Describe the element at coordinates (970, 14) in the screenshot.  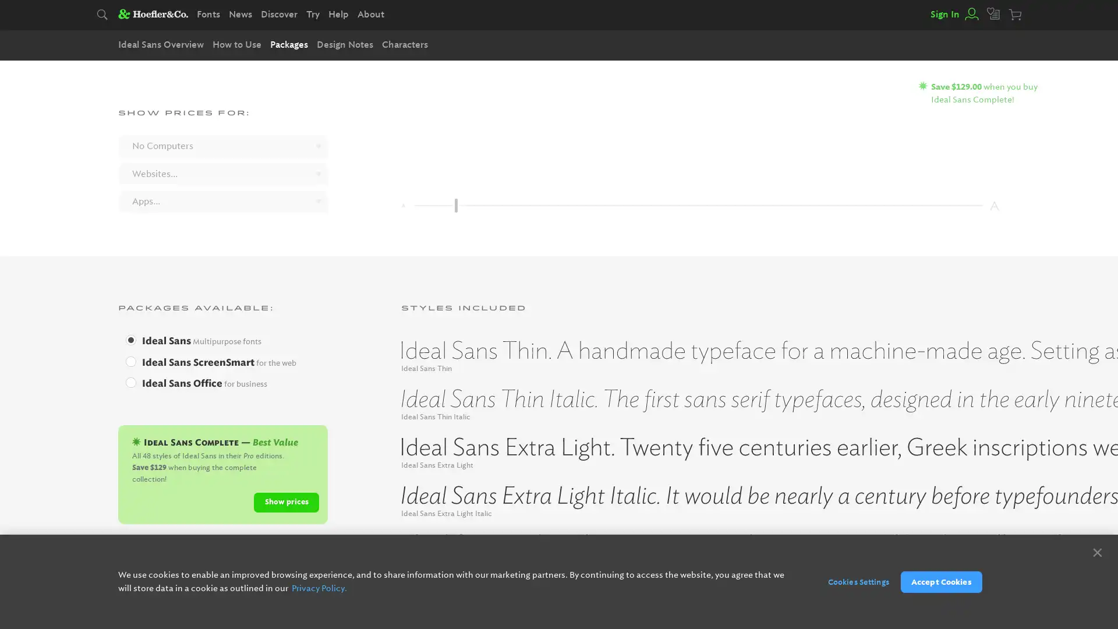
I see `View your account` at that location.